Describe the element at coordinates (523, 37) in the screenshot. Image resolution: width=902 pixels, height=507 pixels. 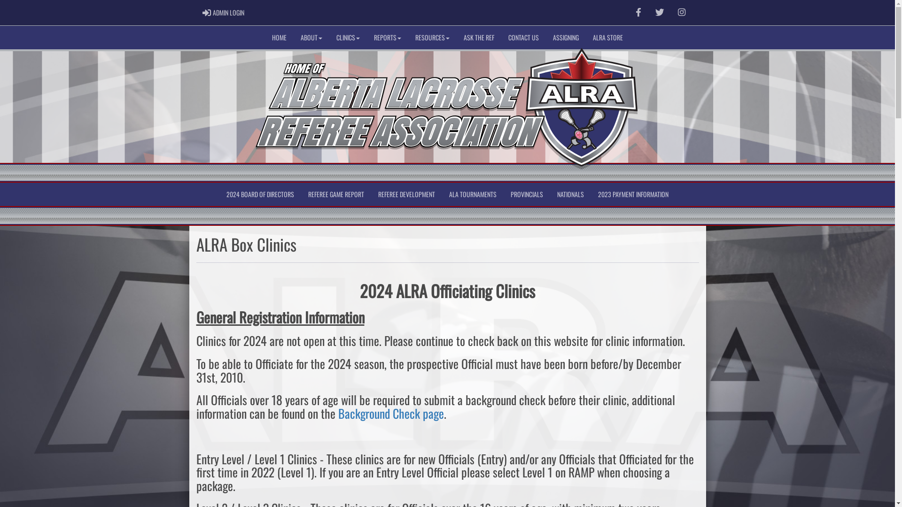
I see `'CONTACT US'` at that location.